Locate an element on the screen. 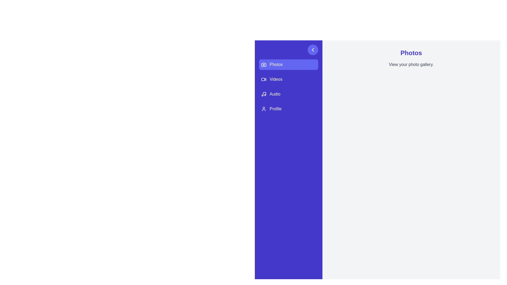  the 'Audio' icon located in the navigation menu, which serves as a graphical indicator for the audio section is located at coordinates (264, 94).